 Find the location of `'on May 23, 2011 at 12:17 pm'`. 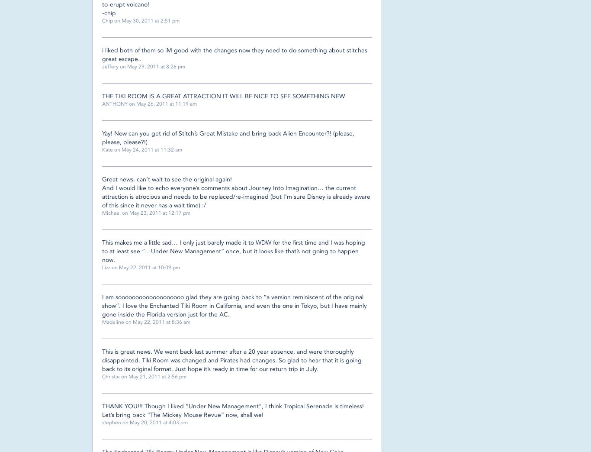

'on May 23, 2011 at 12:17 pm' is located at coordinates (155, 213).